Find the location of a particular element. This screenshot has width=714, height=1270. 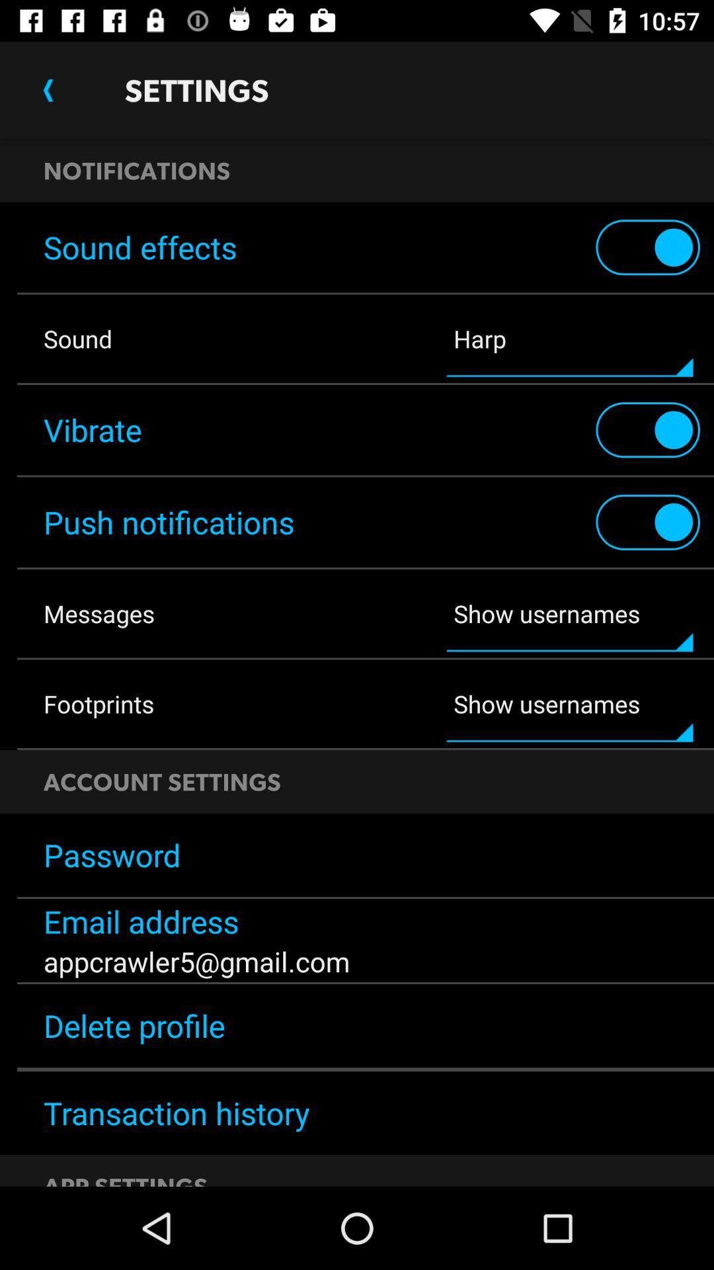

the password icon is located at coordinates (357, 855).